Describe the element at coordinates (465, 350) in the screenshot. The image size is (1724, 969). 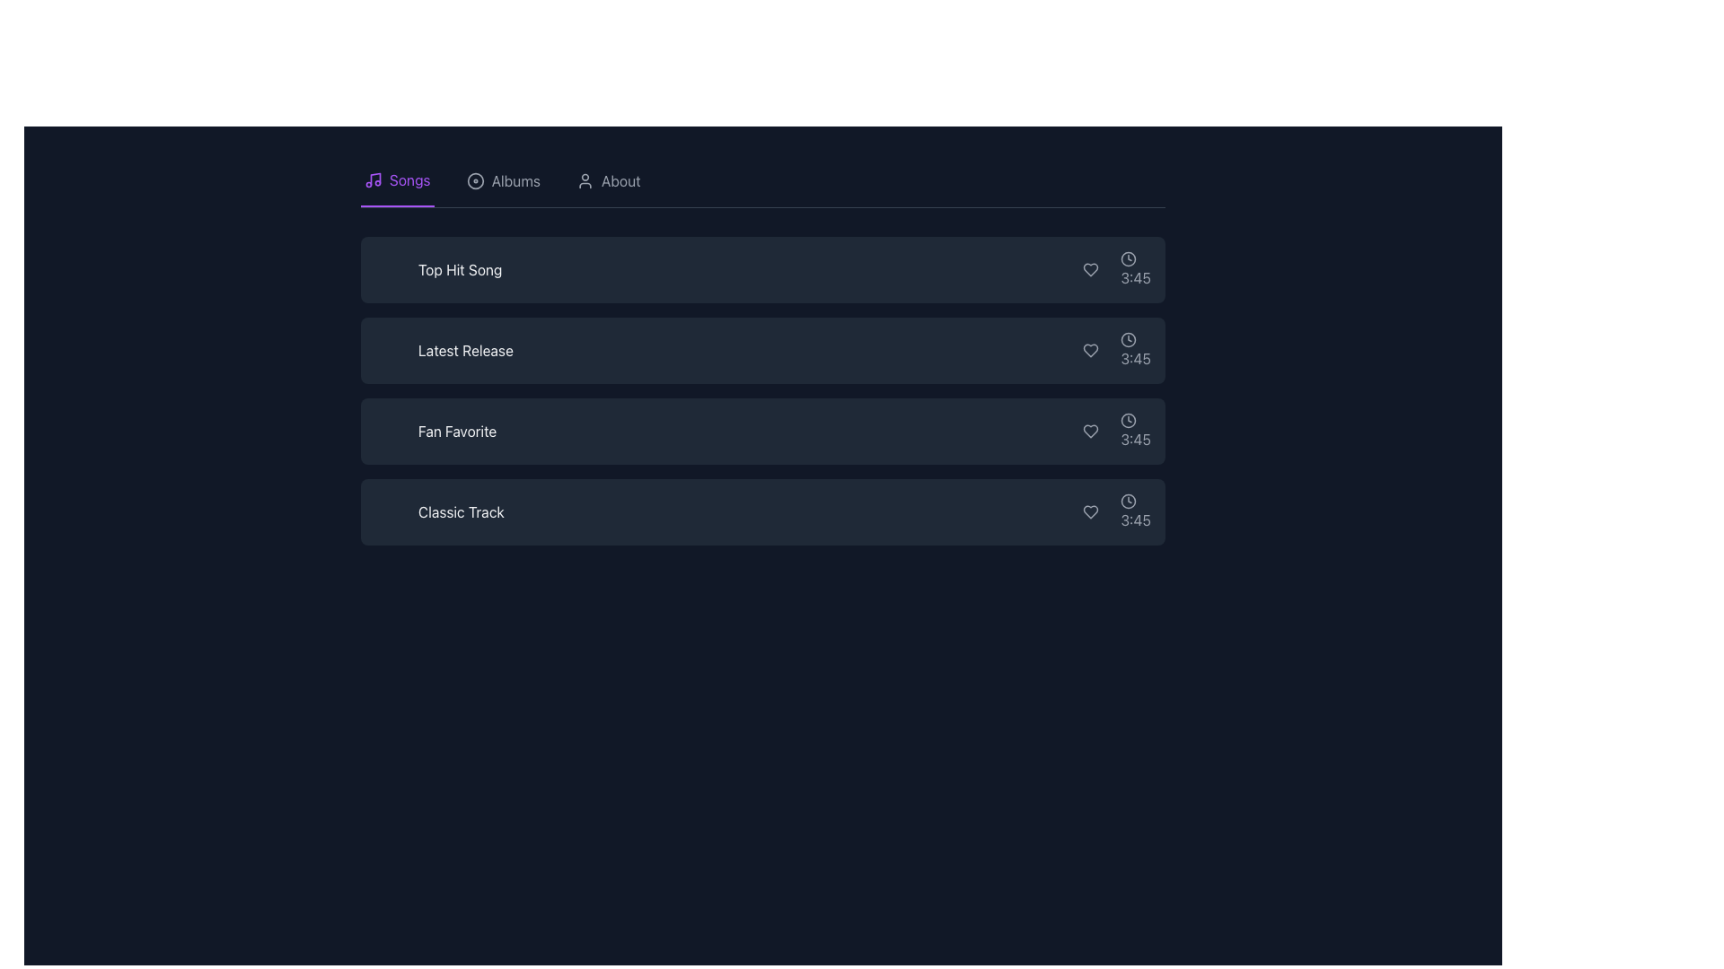
I see `text of the Text Label that serves as the title or description of the second entry in a vertical list of items, aligned center-left` at that location.